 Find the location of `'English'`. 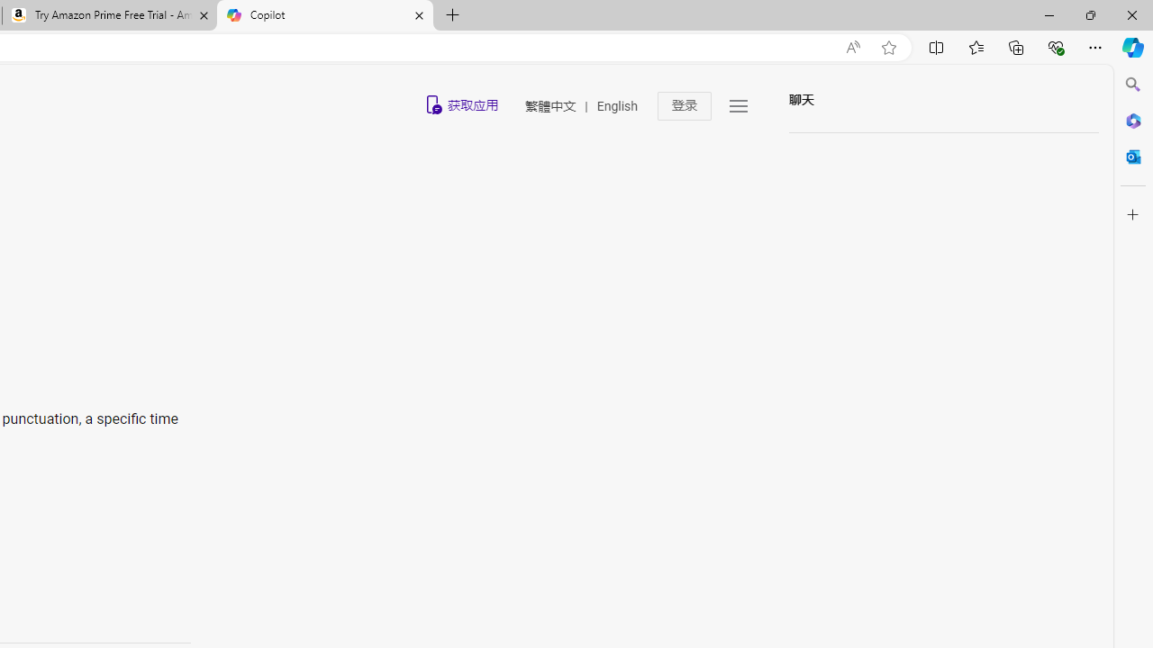

'English' is located at coordinates (616, 106).